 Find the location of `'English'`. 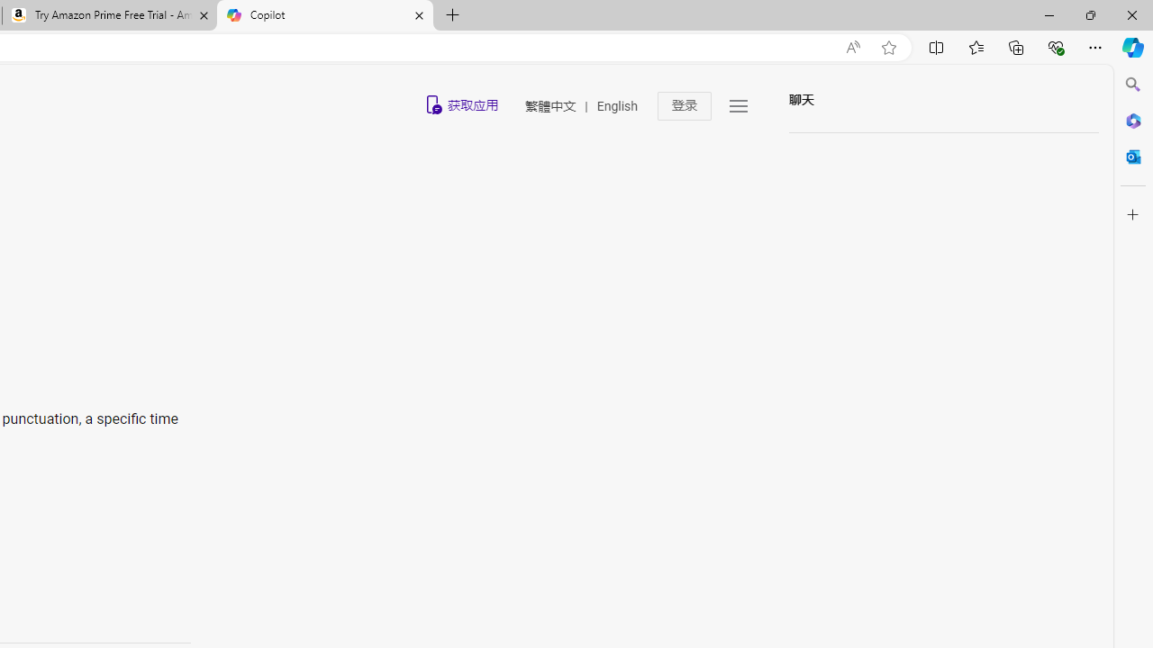

'English' is located at coordinates (616, 106).